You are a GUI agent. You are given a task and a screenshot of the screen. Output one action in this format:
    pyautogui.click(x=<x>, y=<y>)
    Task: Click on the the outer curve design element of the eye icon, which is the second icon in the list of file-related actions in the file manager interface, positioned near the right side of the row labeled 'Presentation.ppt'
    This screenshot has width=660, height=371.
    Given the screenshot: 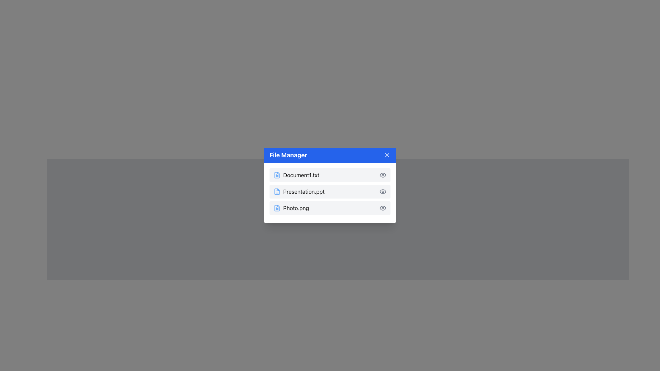 What is the action you would take?
    pyautogui.click(x=382, y=175)
    